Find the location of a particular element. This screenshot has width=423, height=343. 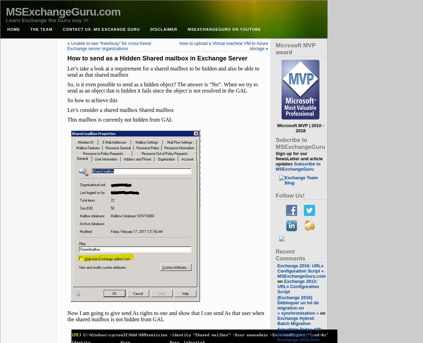

'Subcribe to MSExchangeGuru' is located at coordinates (300, 143).